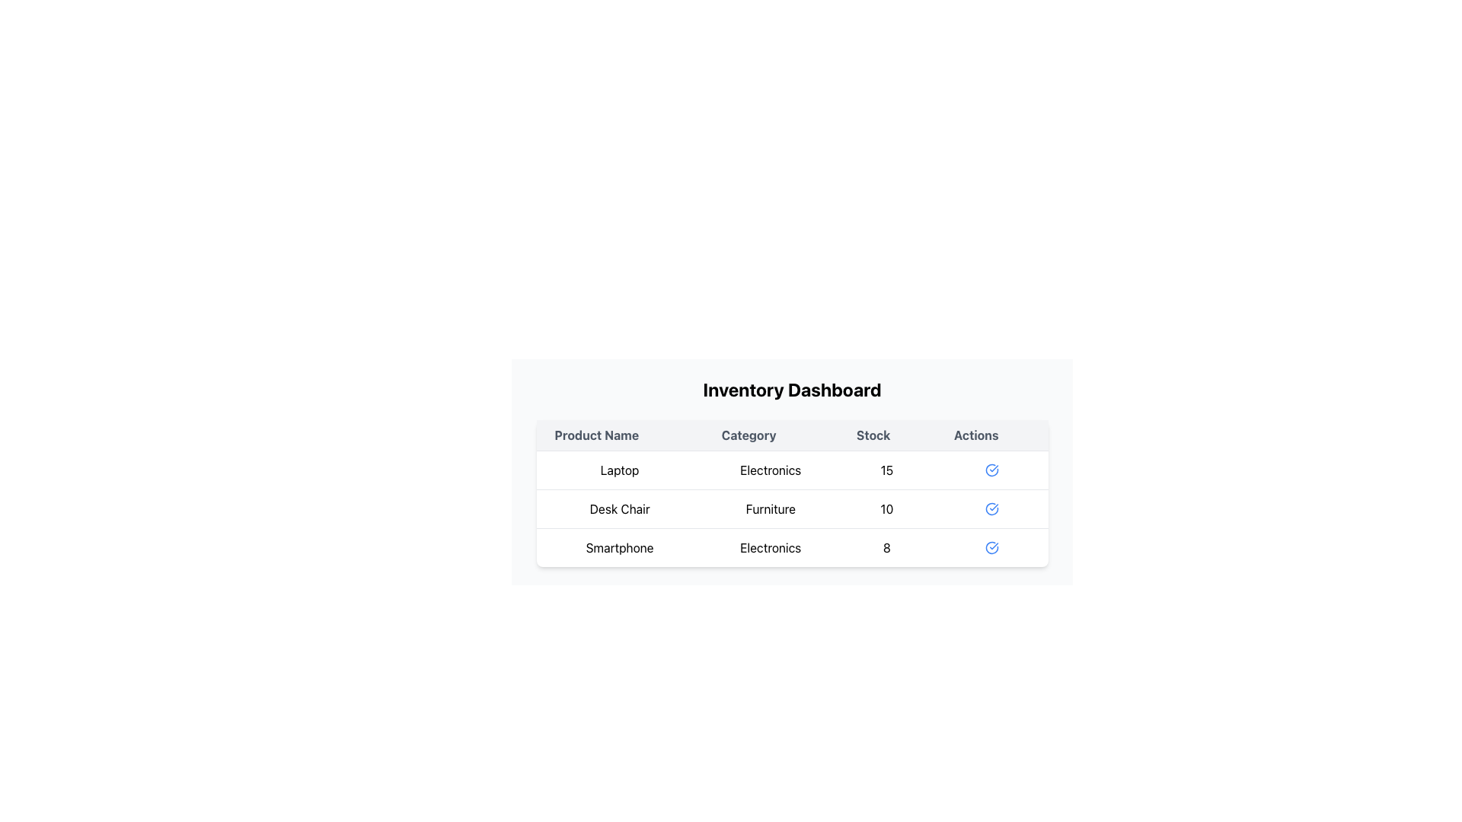  Describe the element at coordinates (991, 548) in the screenshot. I see `the confirmation icon for the 'Smartphone' item in the 'Actions' column of the third row in the 'Inventory Dashboard' table` at that location.